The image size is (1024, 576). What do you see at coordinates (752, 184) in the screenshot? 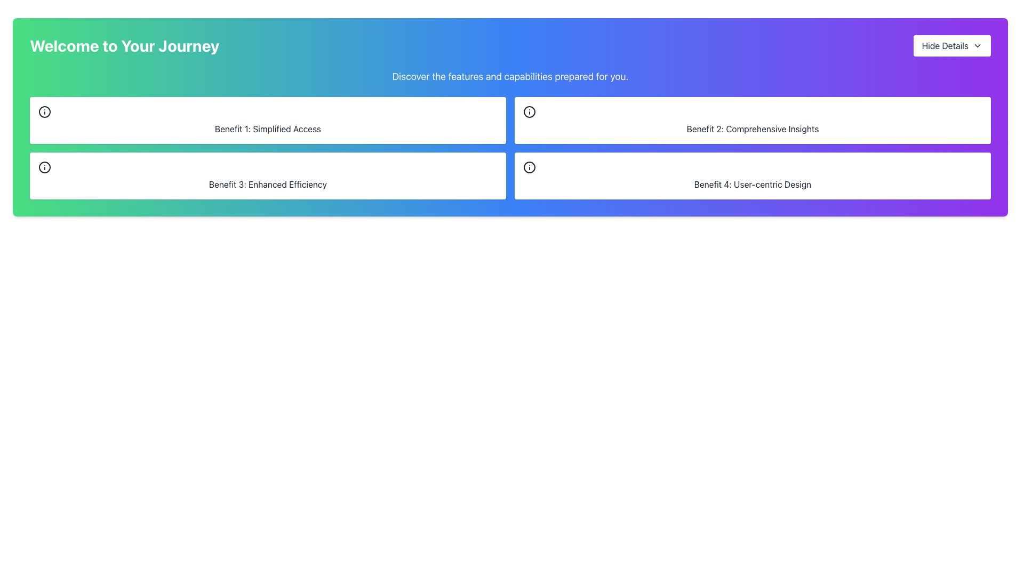
I see `text from the descriptive label within the white card located in the bottom-right corner of the four-card grid layout, summarizing 'User-centric Design.'` at bounding box center [752, 184].